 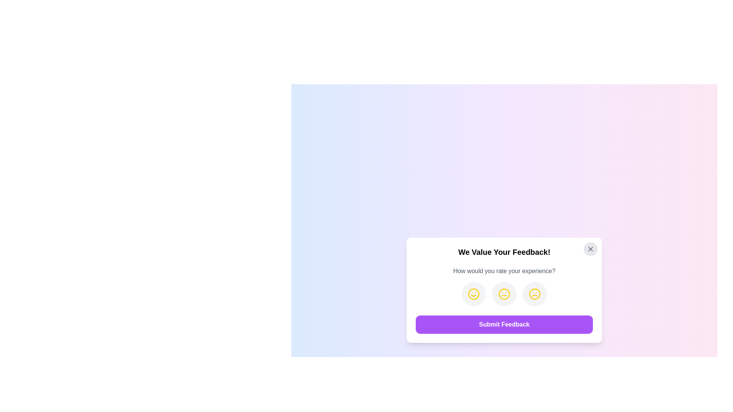 I want to click on the neutral face emoticon in the interactive rating circle dialog box, so click(x=504, y=290).